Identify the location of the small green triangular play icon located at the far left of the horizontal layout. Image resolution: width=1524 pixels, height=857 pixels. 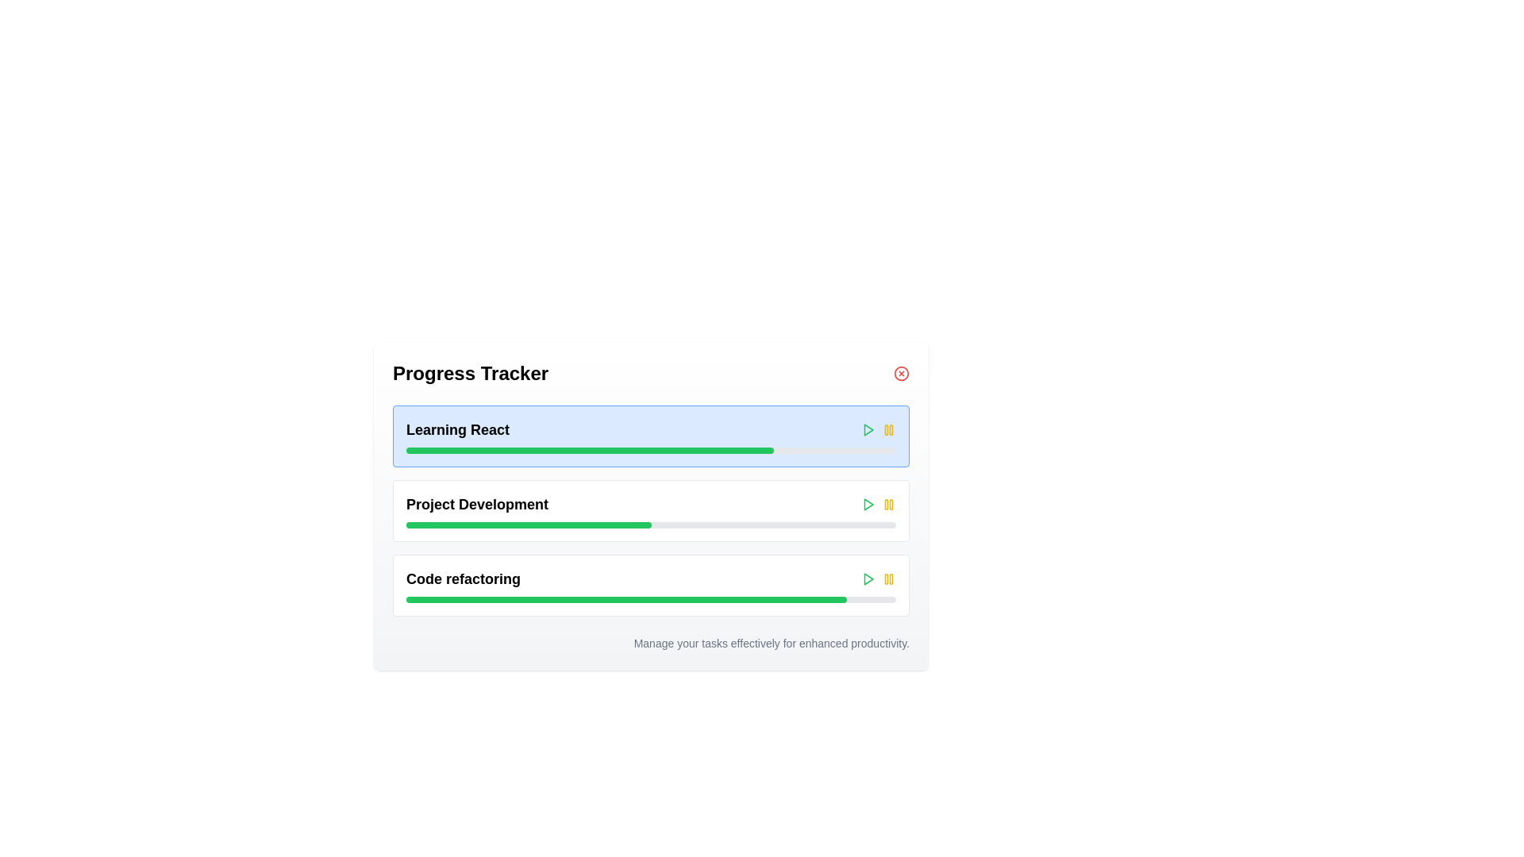
(868, 505).